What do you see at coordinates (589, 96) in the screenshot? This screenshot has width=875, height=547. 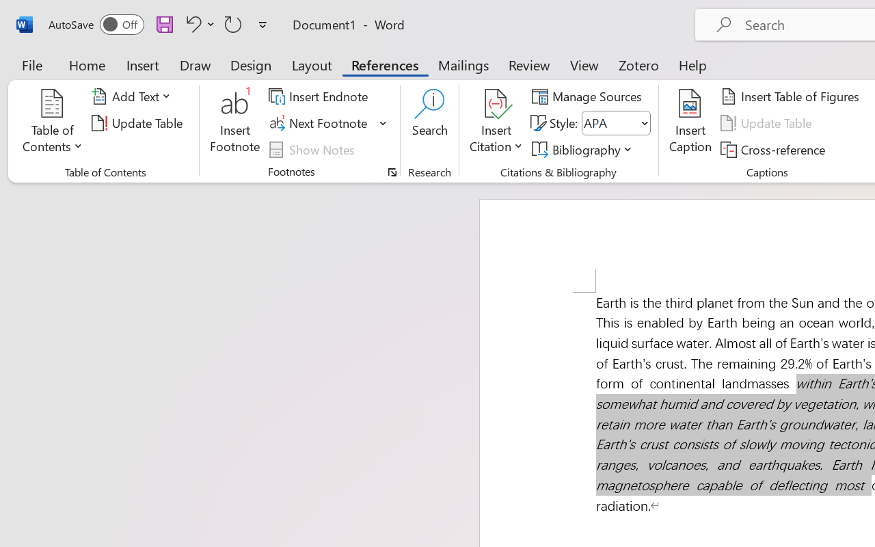 I see `'Manage Sources...'` at bounding box center [589, 96].